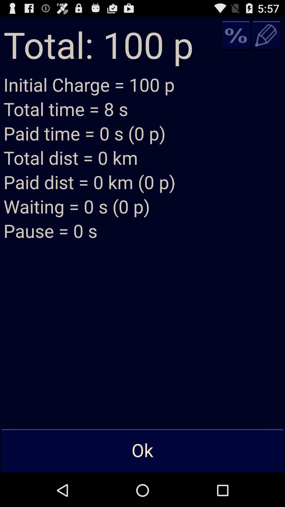  What do you see at coordinates (266, 35) in the screenshot?
I see `edit icon` at bounding box center [266, 35].